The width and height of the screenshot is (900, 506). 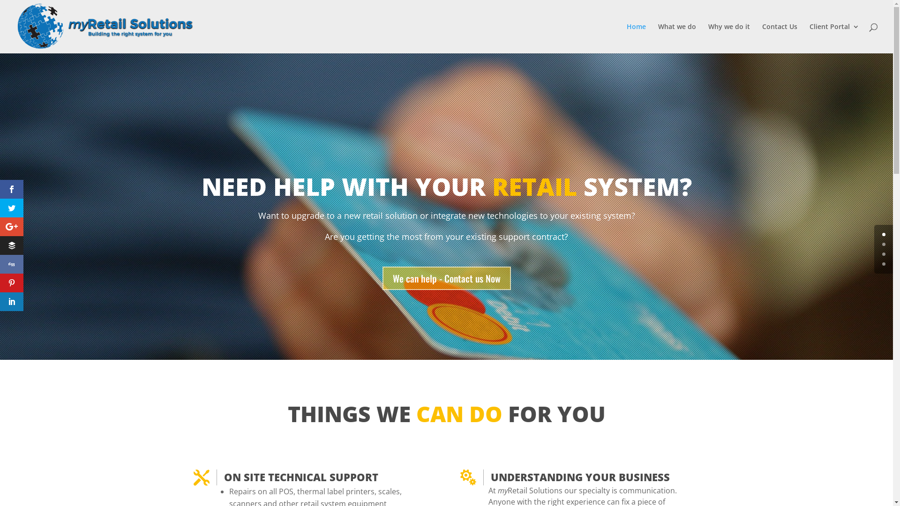 What do you see at coordinates (677, 37) in the screenshot?
I see `'What we do'` at bounding box center [677, 37].